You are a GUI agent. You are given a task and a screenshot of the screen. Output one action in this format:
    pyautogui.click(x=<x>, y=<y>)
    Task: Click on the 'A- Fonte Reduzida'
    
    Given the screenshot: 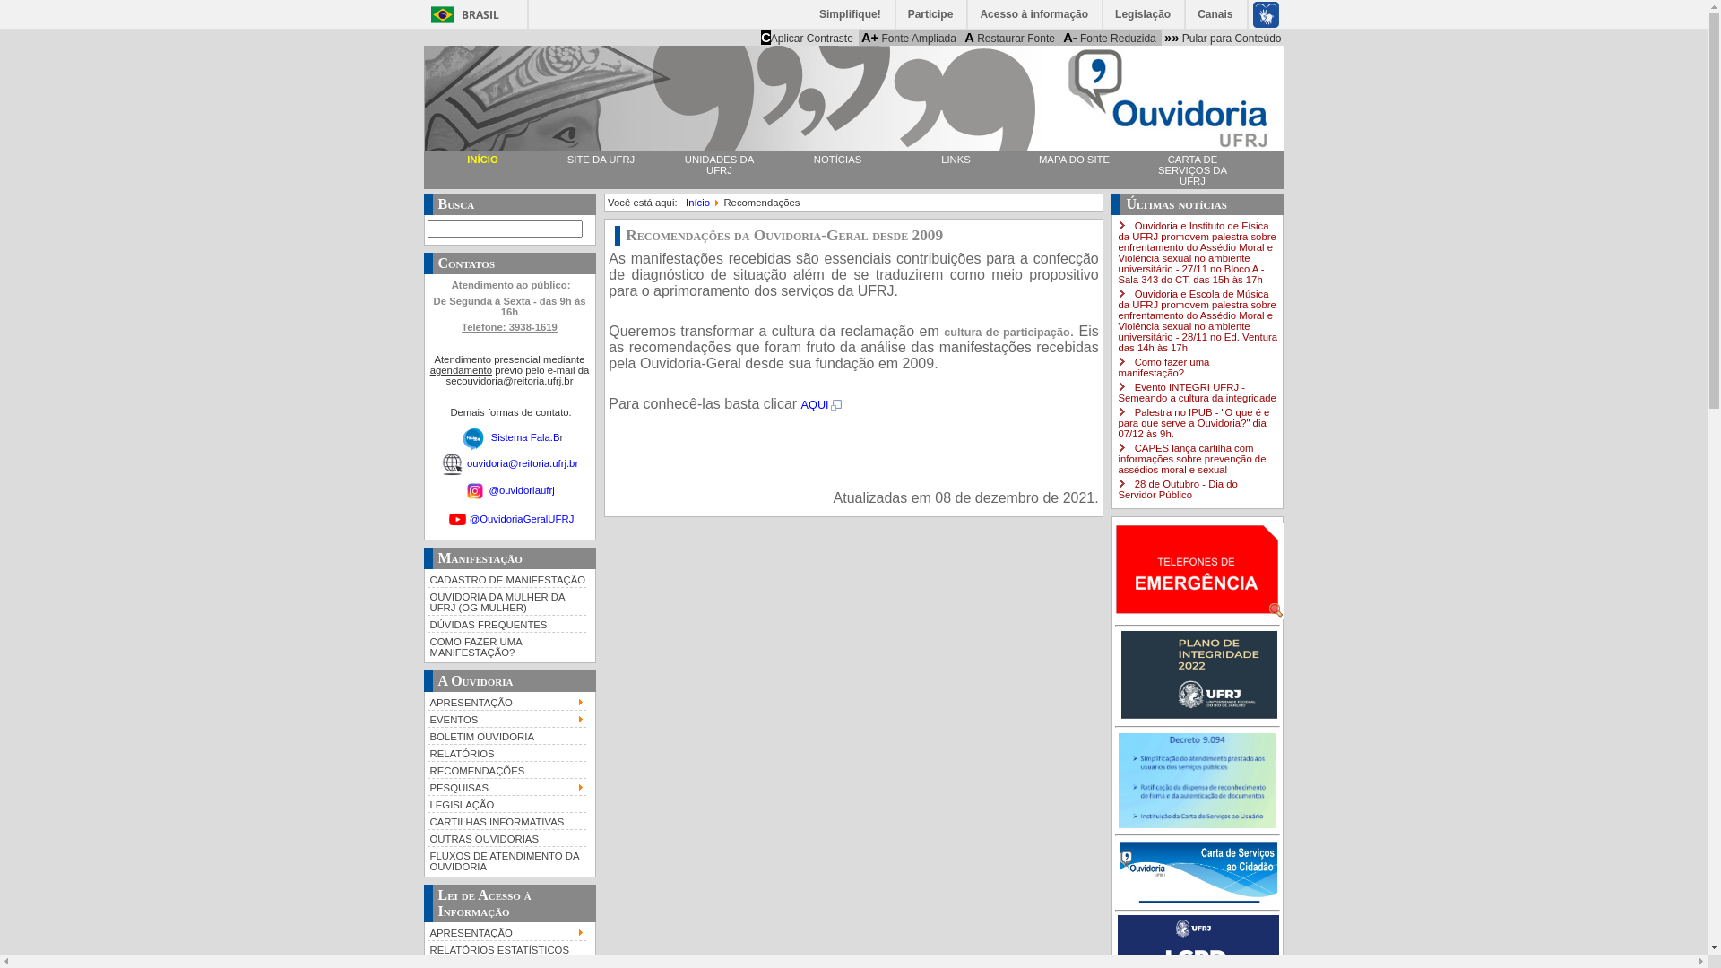 What is the action you would take?
    pyautogui.click(x=1059, y=38)
    